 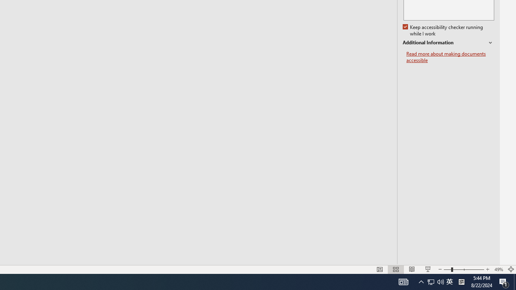 I want to click on 'Slide Sorter', so click(x=396, y=269).